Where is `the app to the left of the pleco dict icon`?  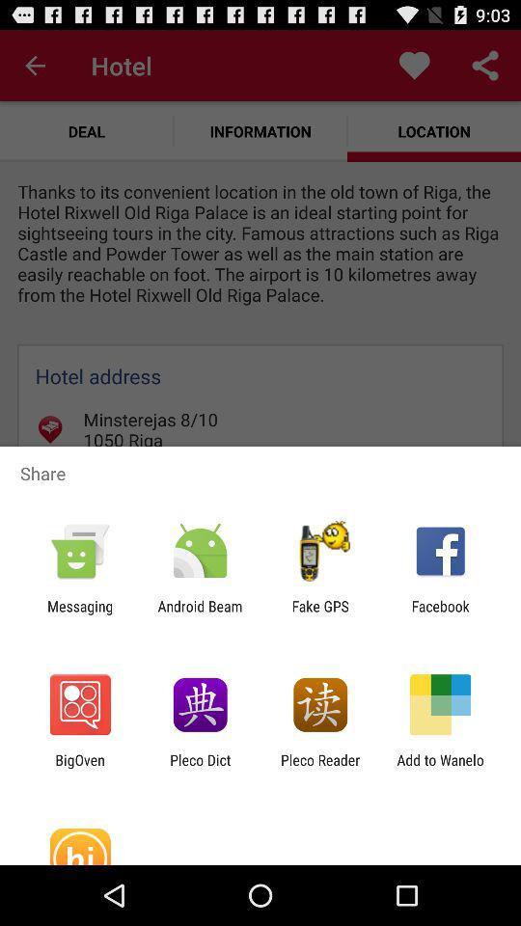
the app to the left of the pleco dict icon is located at coordinates (79, 768).